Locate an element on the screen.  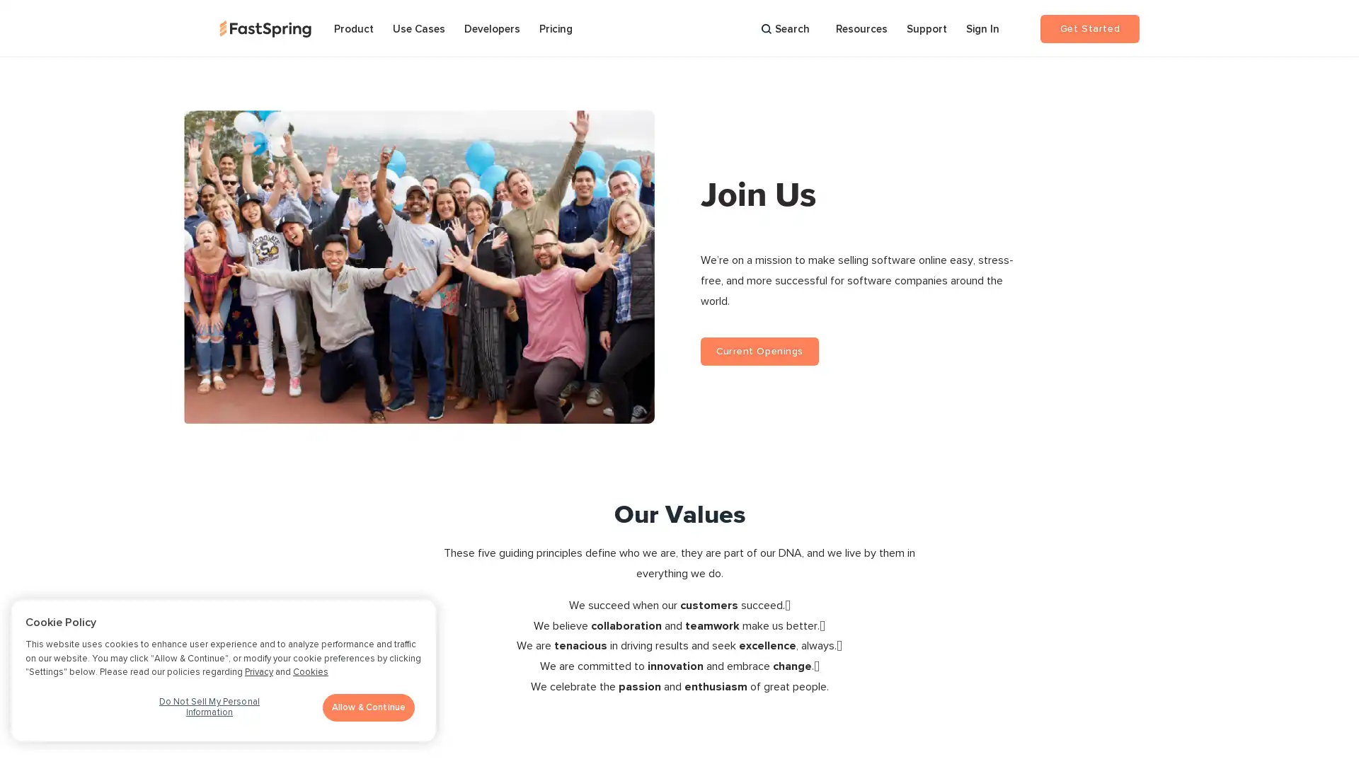
Do Not Sell My Personal Information is located at coordinates (208, 712).